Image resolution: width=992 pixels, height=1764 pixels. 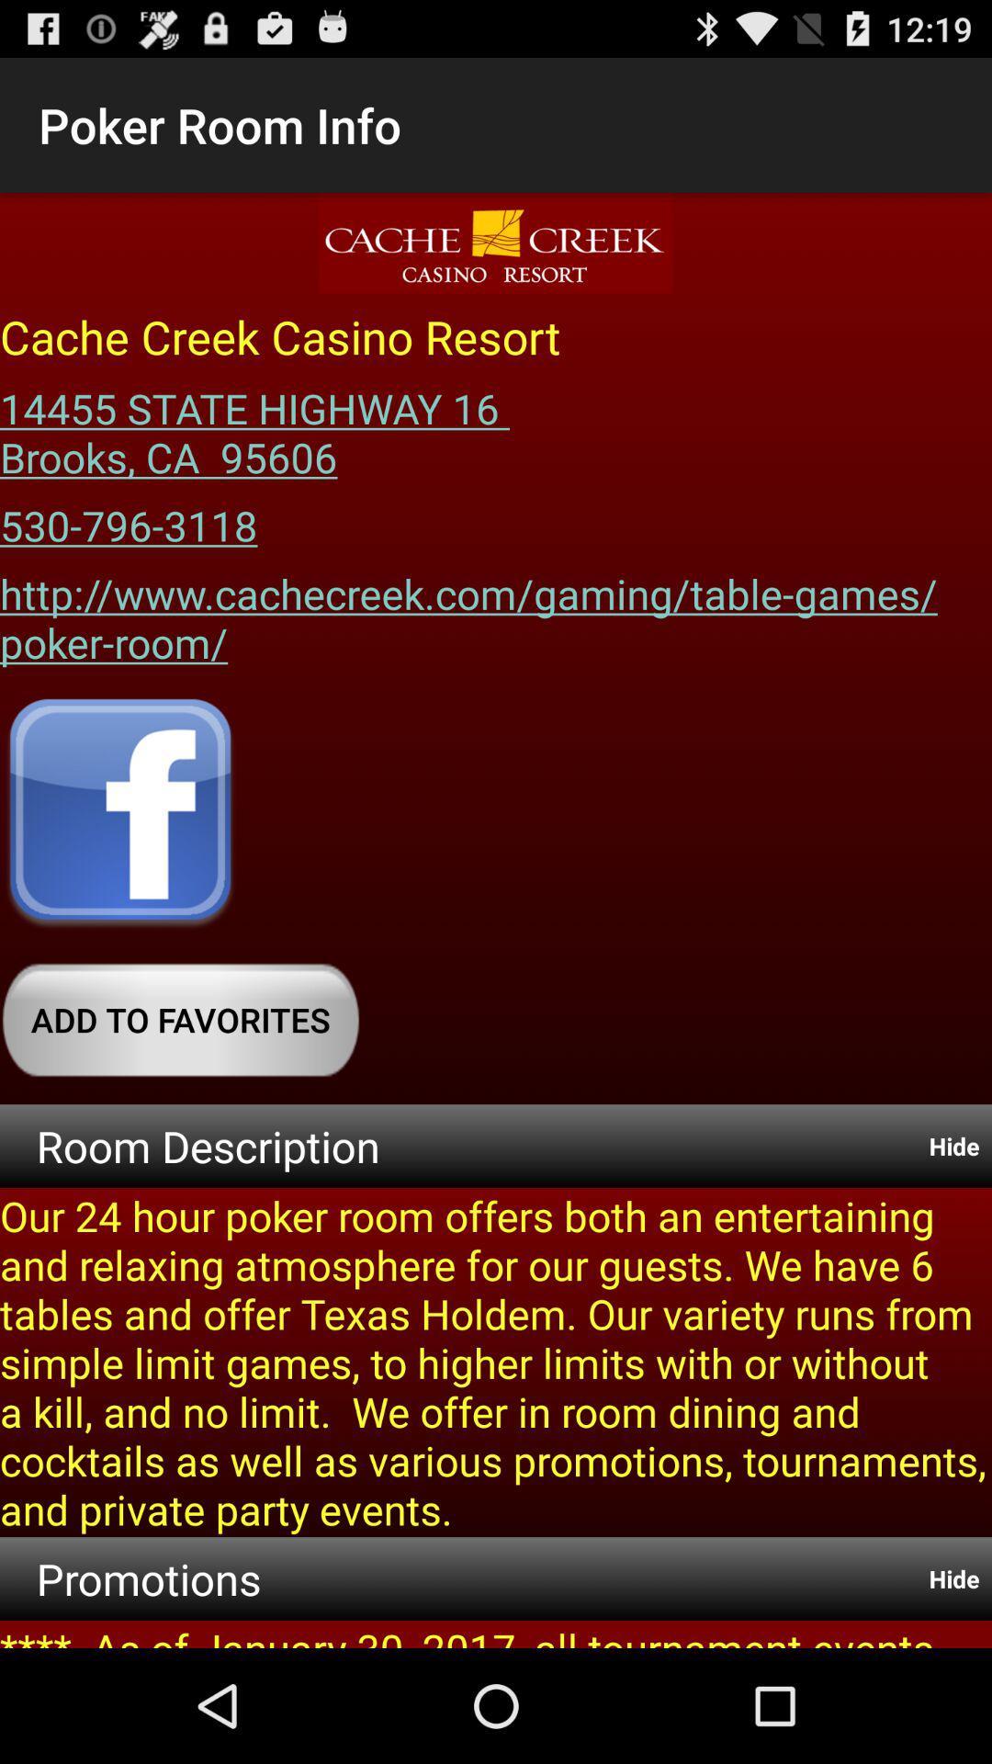 What do you see at coordinates (496, 612) in the screenshot?
I see `http www cachecreek icon` at bounding box center [496, 612].